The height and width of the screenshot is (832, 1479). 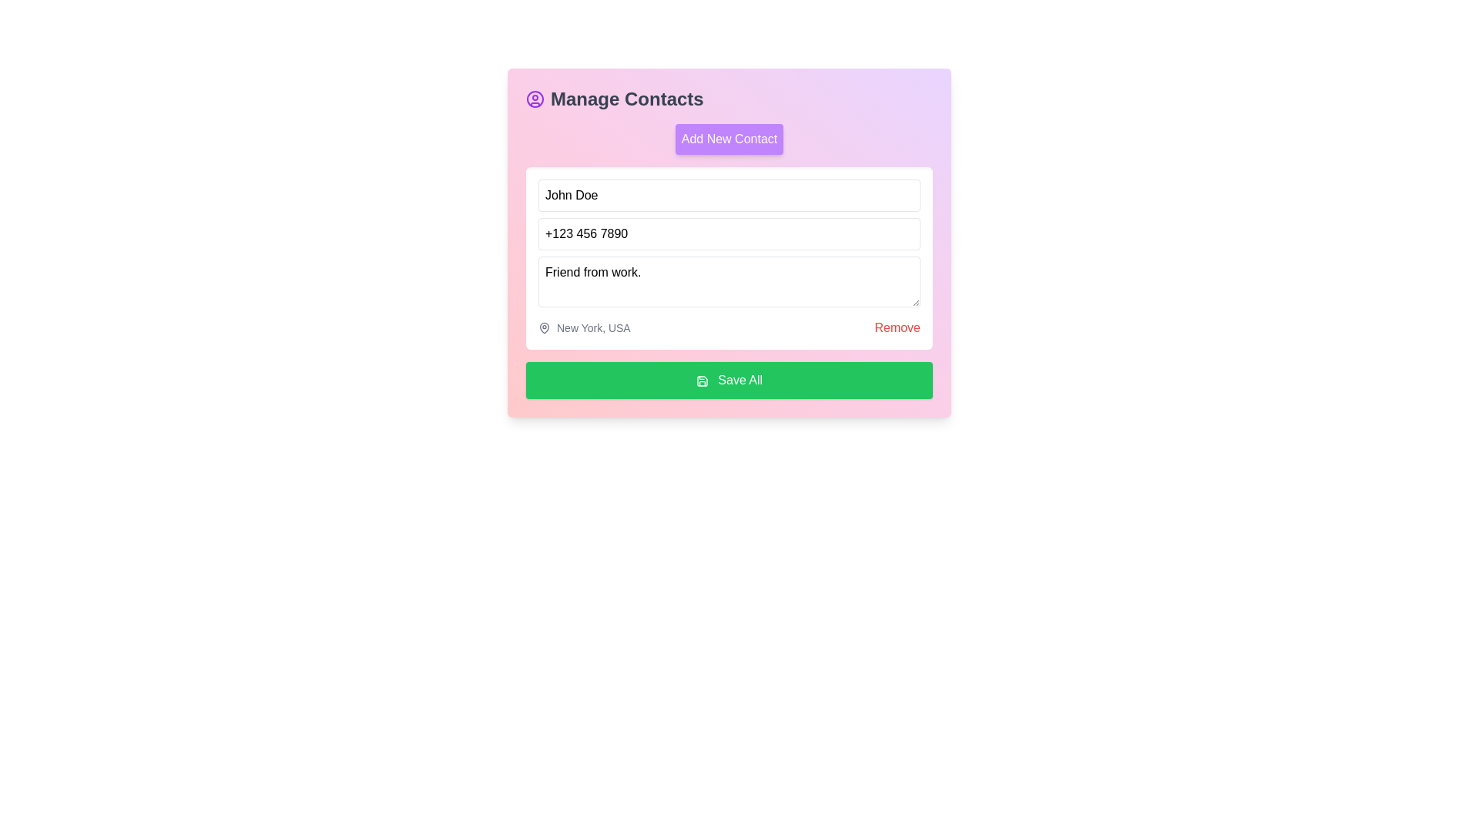 I want to click on the decorative icon located at the top-left corner of the 'Manage Contacts' panel, adjacent to the panel's main title text 'Manage Contacts', so click(x=535, y=99).